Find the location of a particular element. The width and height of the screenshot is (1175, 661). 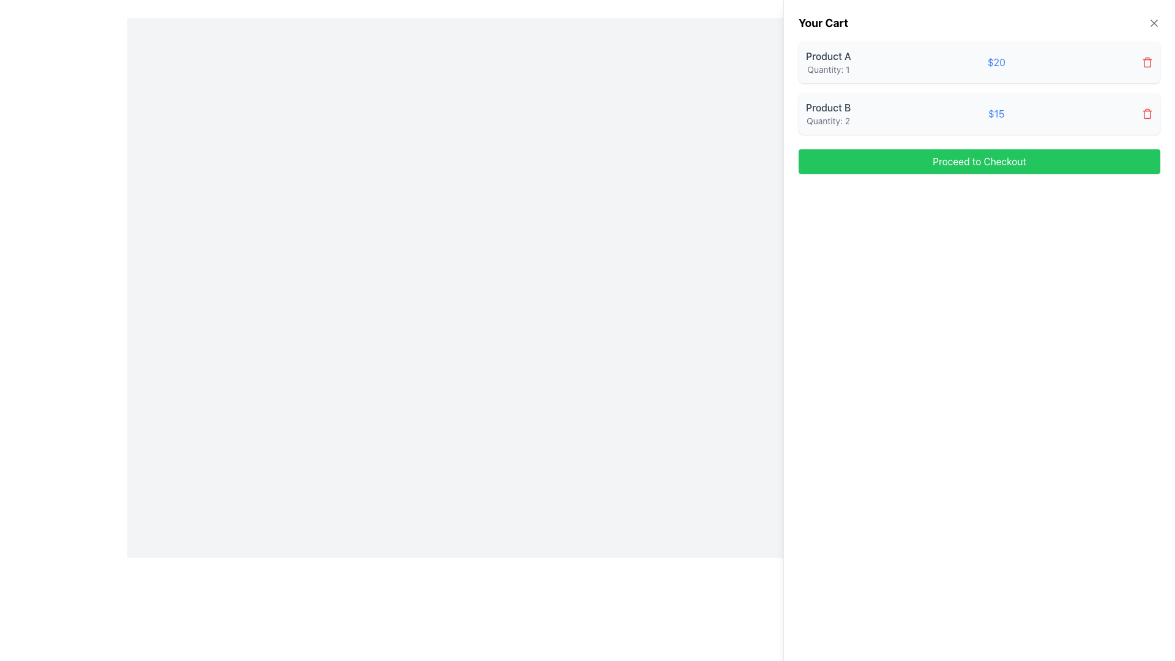

the delete icon button for the 'Product B' item in the cart is located at coordinates (1147, 113).